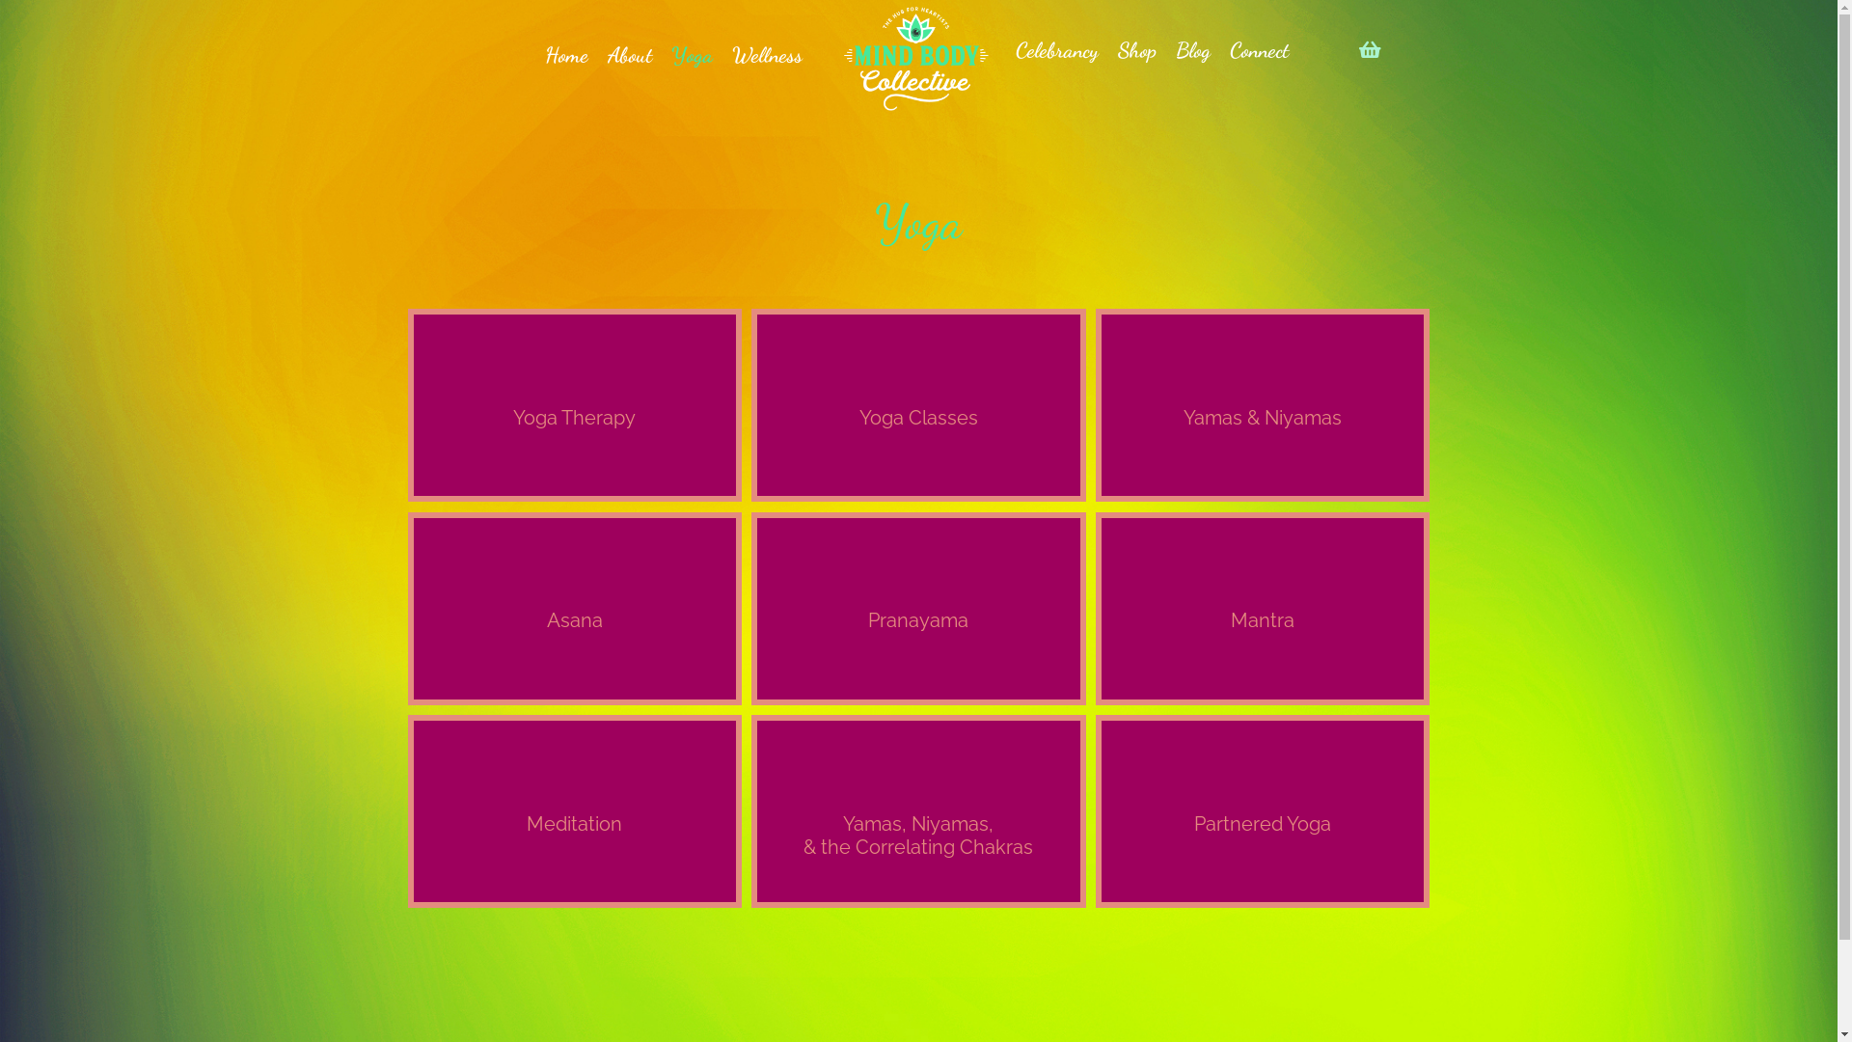  What do you see at coordinates (721, 54) in the screenshot?
I see `'Wellness'` at bounding box center [721, 54].